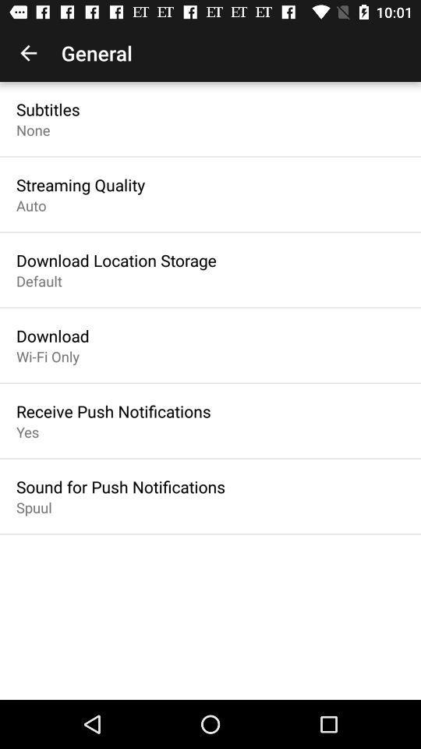  Describe the element at coordinates (48, 108) in the screenshot. I see `icon above none item` at that location.